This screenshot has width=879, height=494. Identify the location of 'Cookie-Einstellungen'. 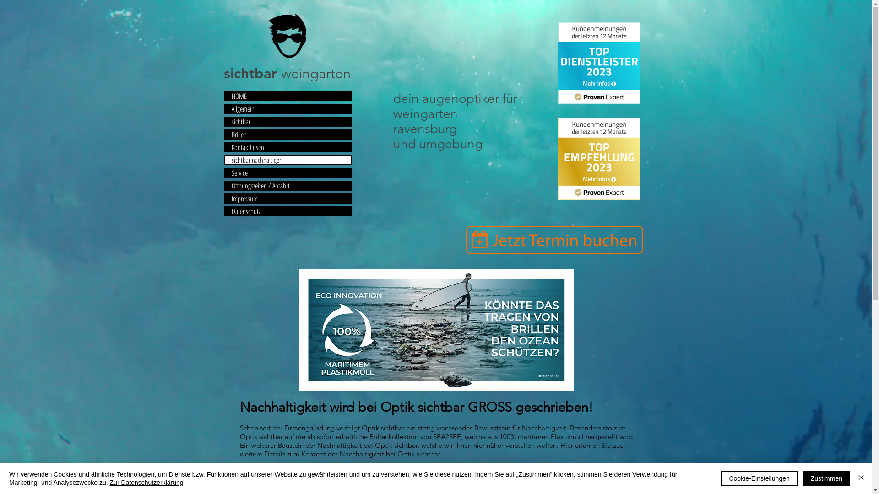
(759, 478).